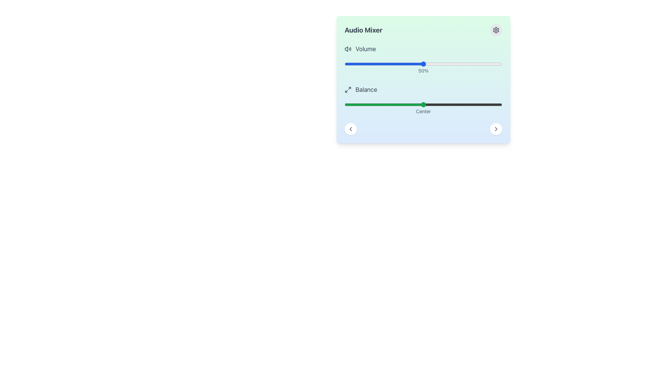 The height and width of the screenshot is (366, 652). I want to click on the volume, so click(349, 64).